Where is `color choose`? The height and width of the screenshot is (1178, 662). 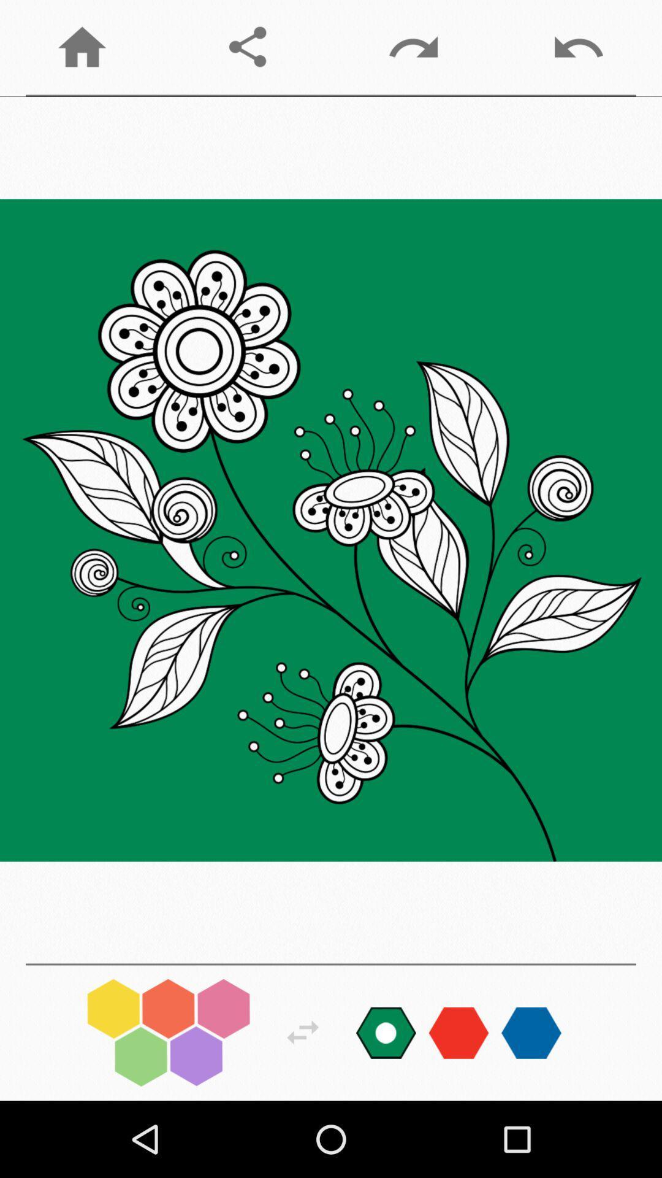
color choose is located at coordinates (458, 1032).